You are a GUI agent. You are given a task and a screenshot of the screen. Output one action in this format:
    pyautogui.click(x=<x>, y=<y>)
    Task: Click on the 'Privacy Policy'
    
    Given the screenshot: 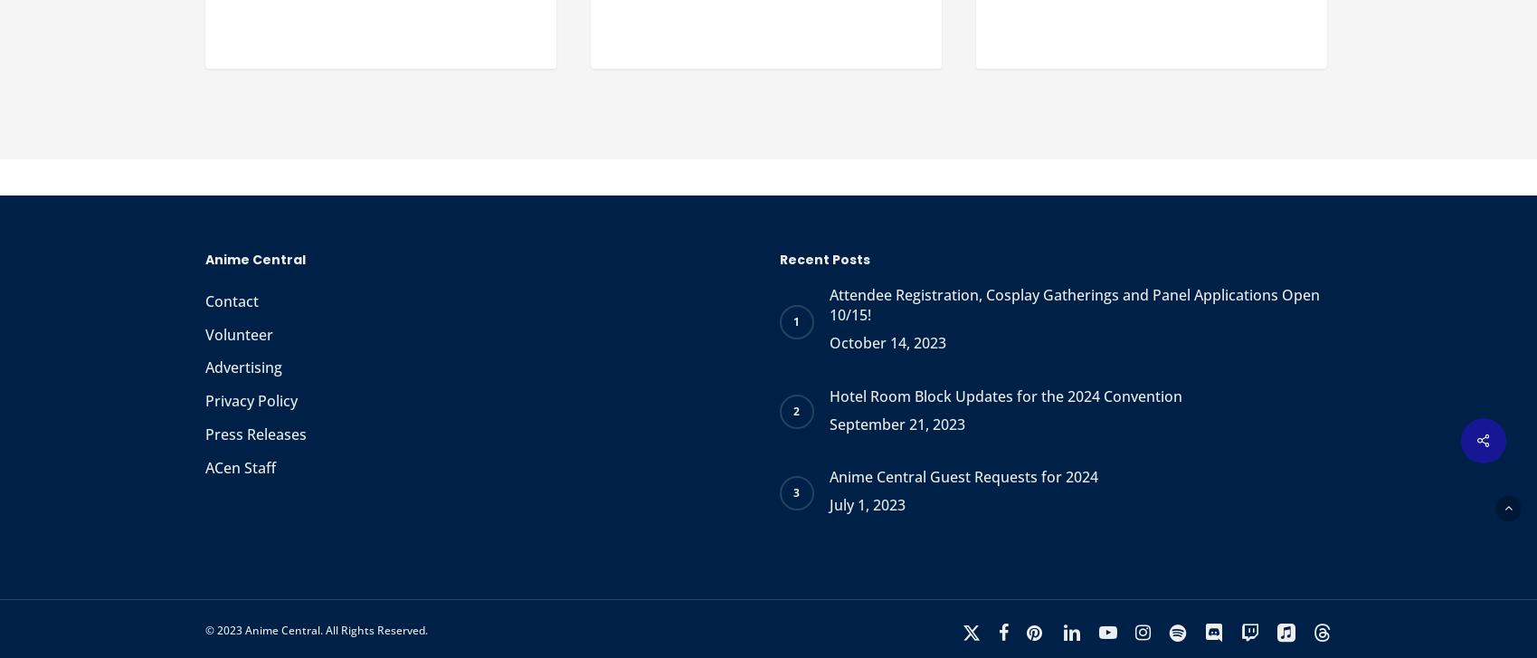 What is the action you would take?
    pyautogui.click(x=204, y=400)
    